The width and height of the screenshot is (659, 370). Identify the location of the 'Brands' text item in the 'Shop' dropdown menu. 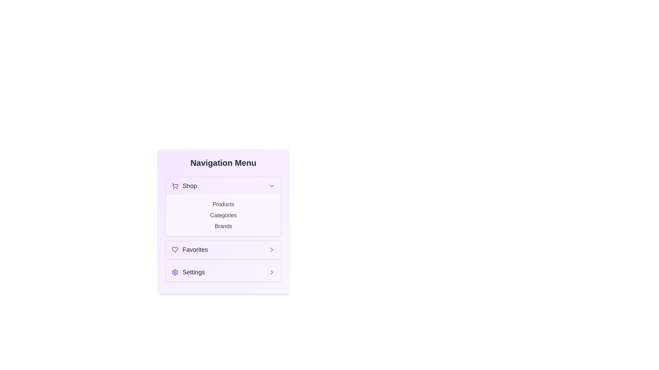
(223, 229).